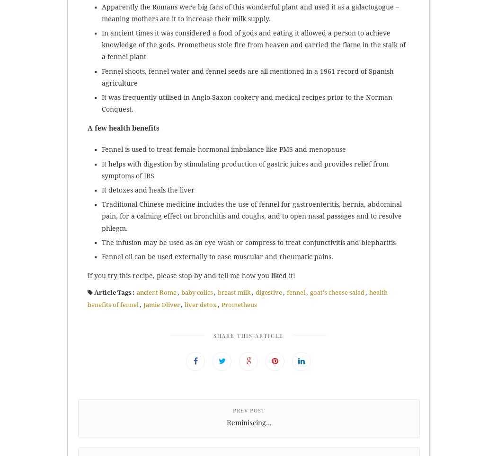  What do you see at coordinates (101, 12) in the screenshot?
I see `'Apparently the Romans were big fans of this wonderful plant and used it as a galactogogue – meaning mothers ate it to increase their milk supply.'` at bounding box center [101, 12].